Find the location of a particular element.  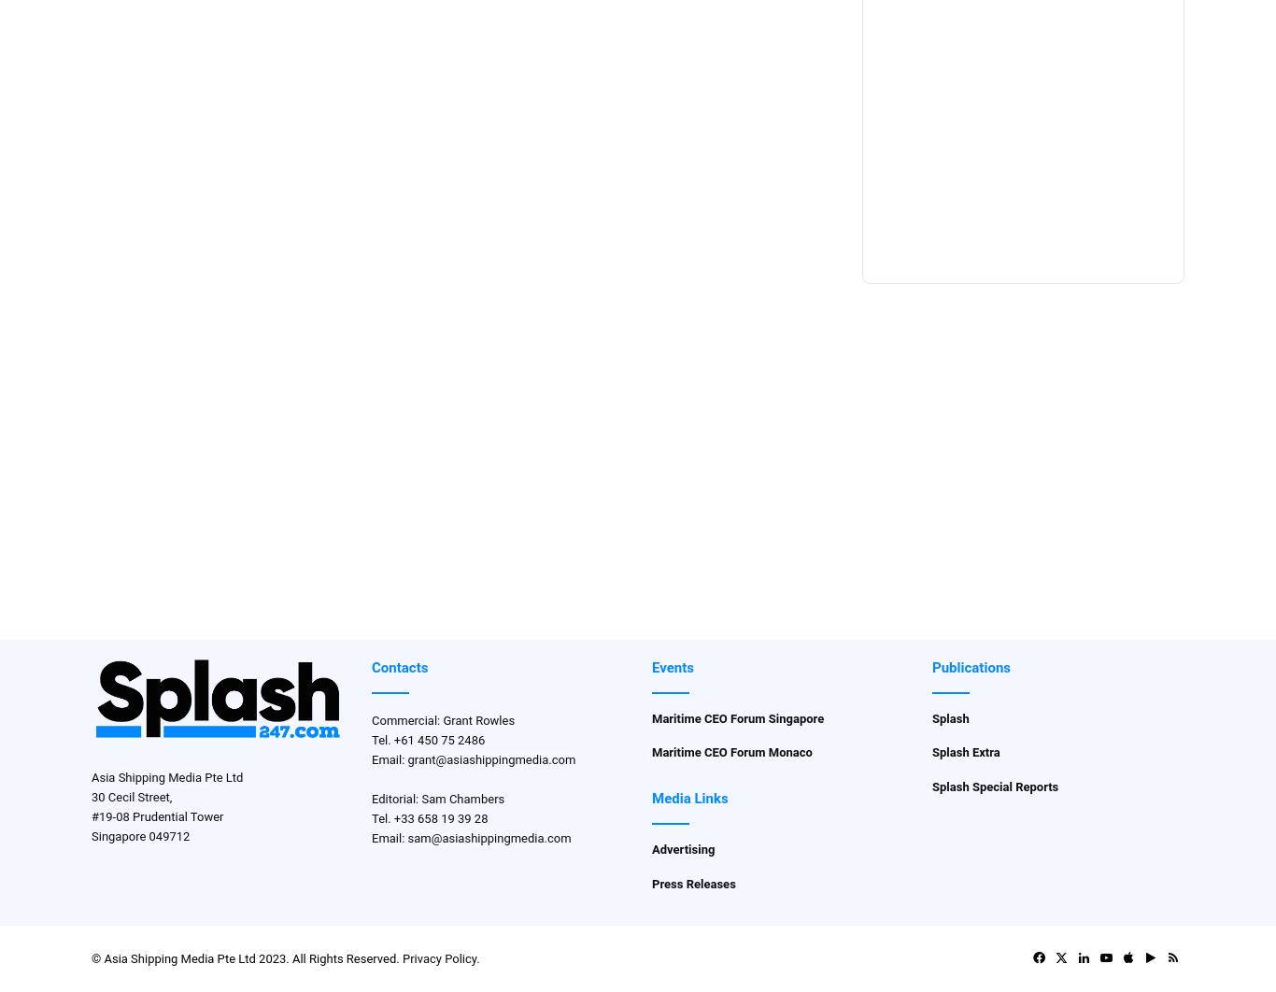

'Tel. +61 450 75 2486' is located at coordinates (428, 739).